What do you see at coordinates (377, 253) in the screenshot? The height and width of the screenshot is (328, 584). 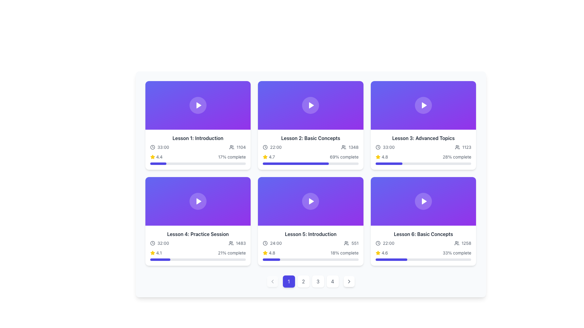 I see `the yellow filled star icon associated with the rating '4.6' located at the bottom right of the 'Lesson 6: Basic Concepts' card` at bounding box center [377, 253].